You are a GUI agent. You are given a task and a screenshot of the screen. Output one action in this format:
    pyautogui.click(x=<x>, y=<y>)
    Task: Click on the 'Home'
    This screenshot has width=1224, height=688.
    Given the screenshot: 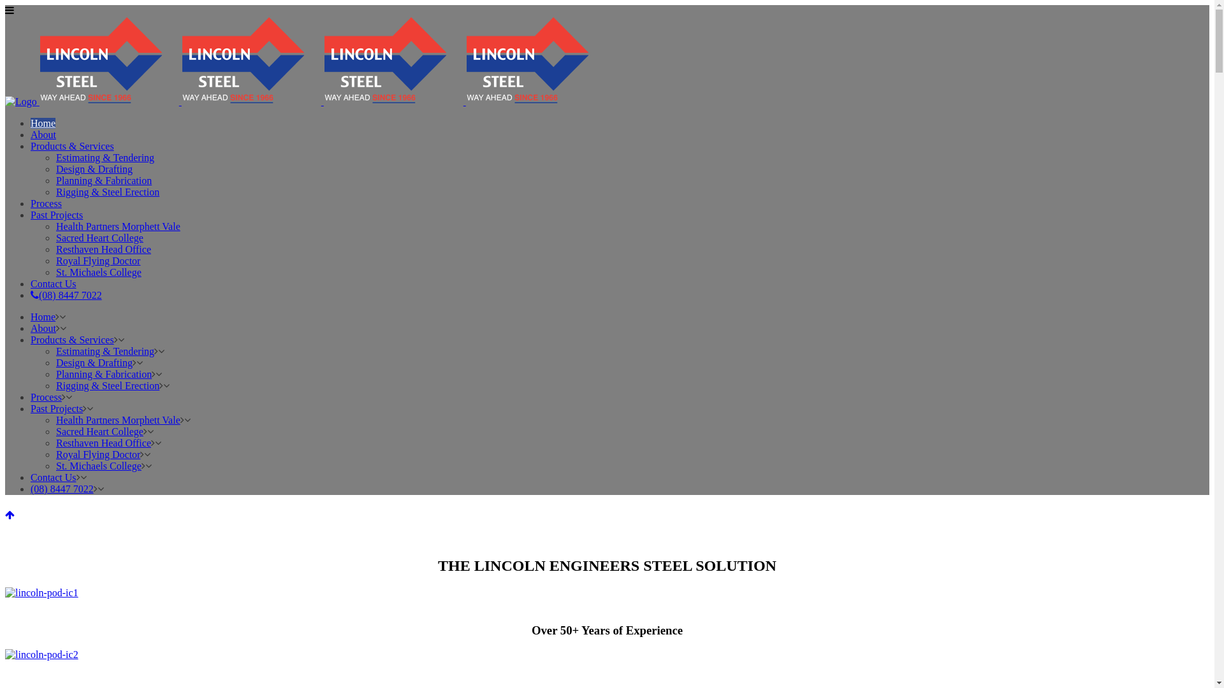 What is the action you would take?
    pyautogui.click(x=43, y=316)
    